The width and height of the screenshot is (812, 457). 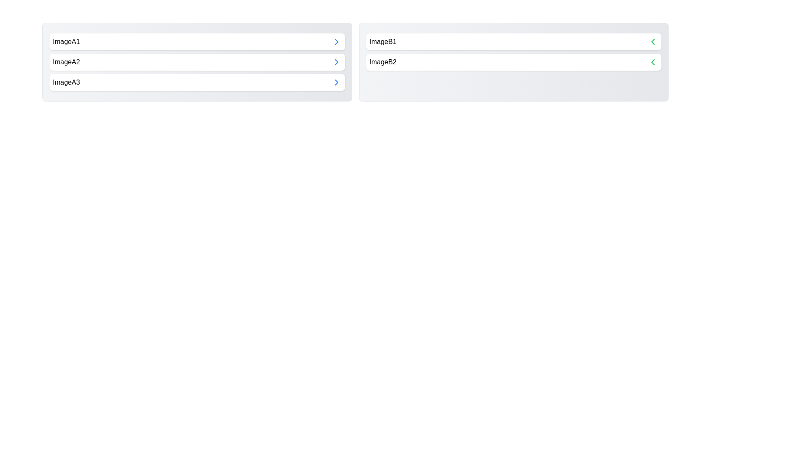 What do you see at coordinates (336, 61) in the screenshot?
I see `arrow button next to ImageA2 to move it to the opposite category` at bounding box center [336, 61].